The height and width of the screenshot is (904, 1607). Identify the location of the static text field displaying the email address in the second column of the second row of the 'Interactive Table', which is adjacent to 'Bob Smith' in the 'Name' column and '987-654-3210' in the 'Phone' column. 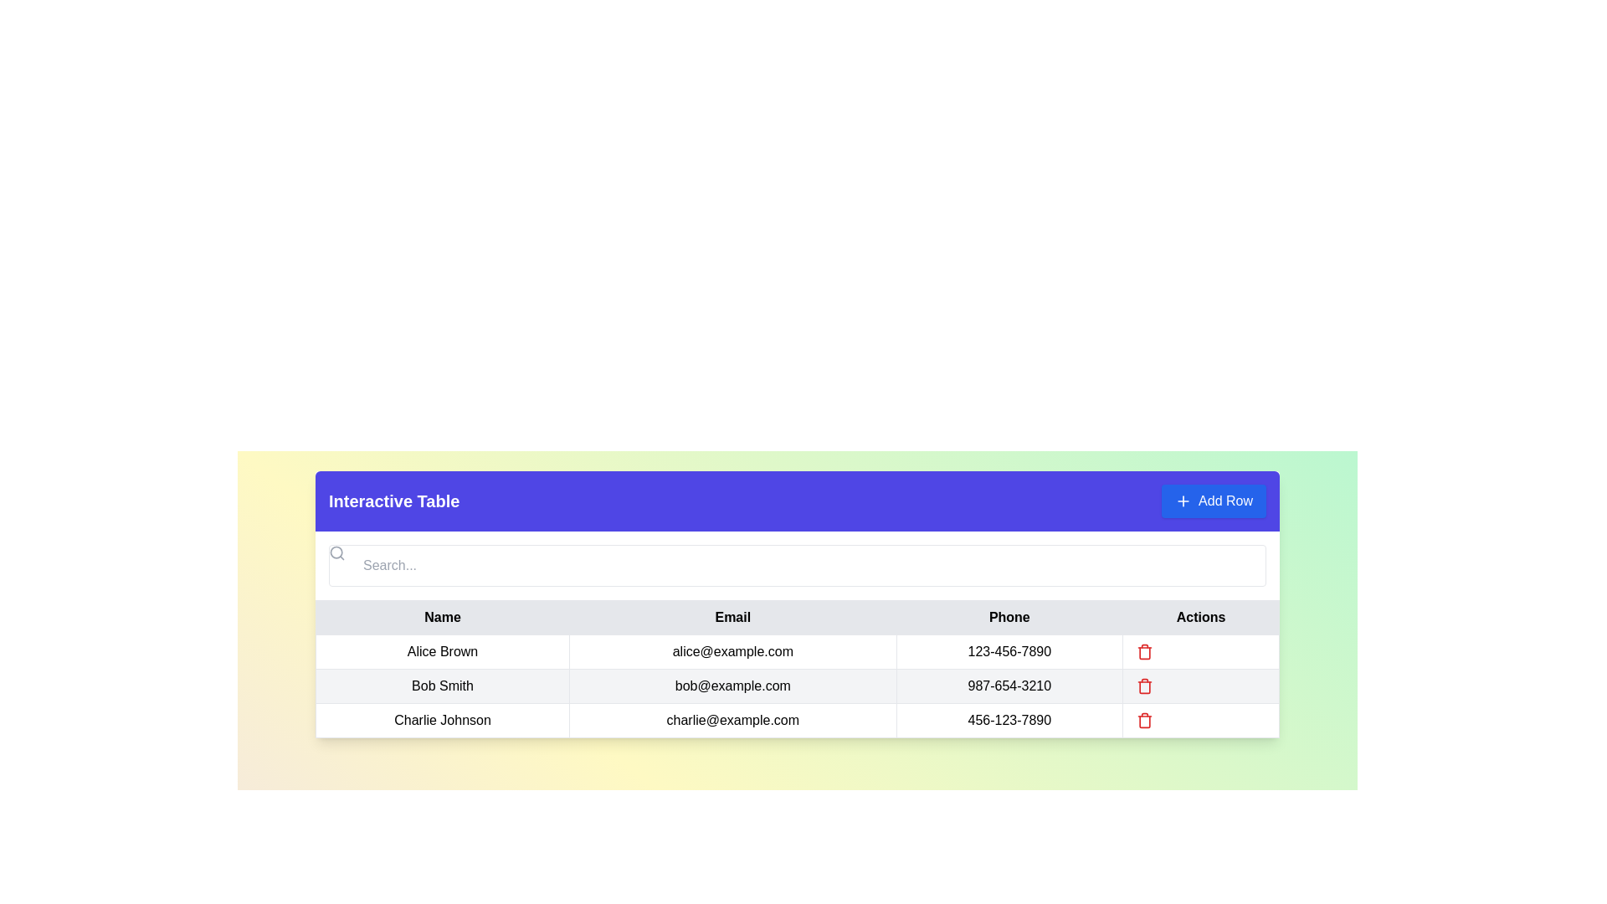
(732, 686).